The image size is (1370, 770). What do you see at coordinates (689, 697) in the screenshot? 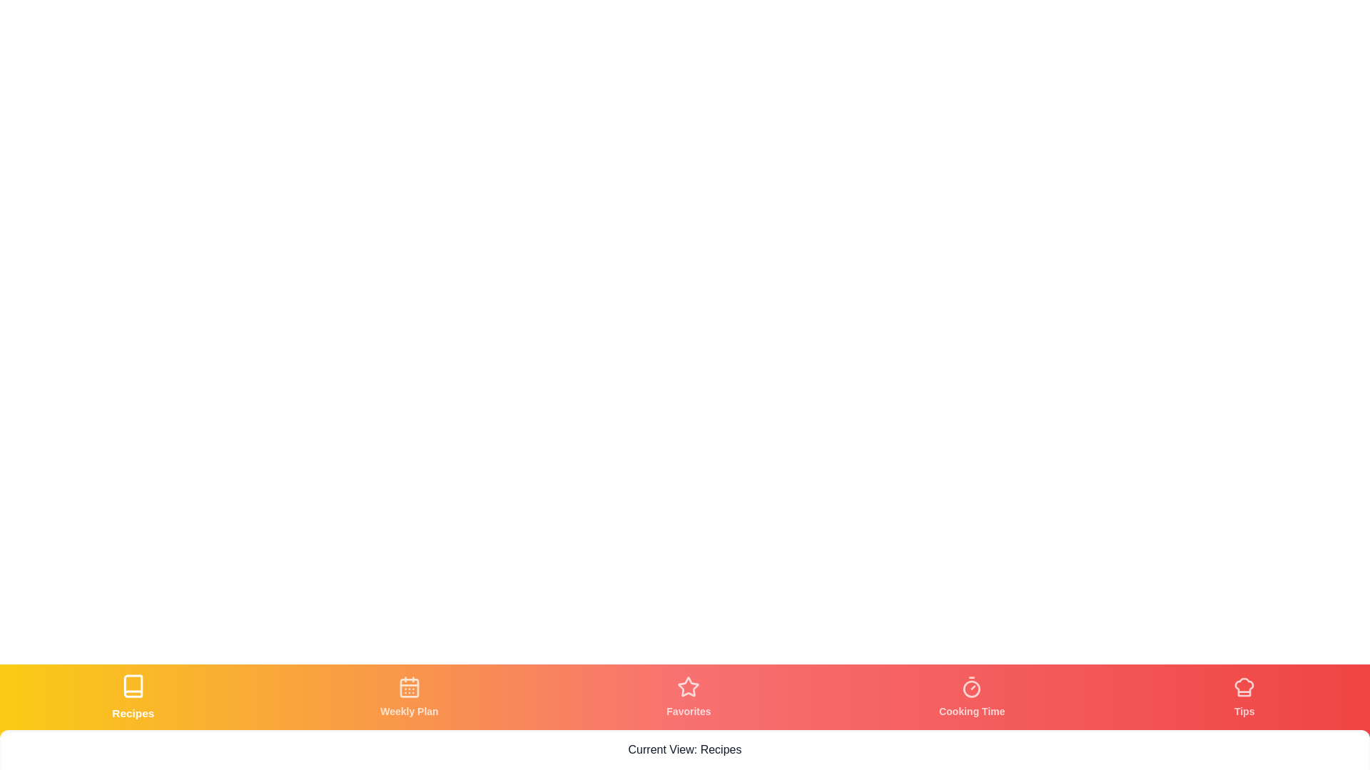
I see `the tab corresponding to Favorites by clicking its icon or label` at bounding box center [689, 697].